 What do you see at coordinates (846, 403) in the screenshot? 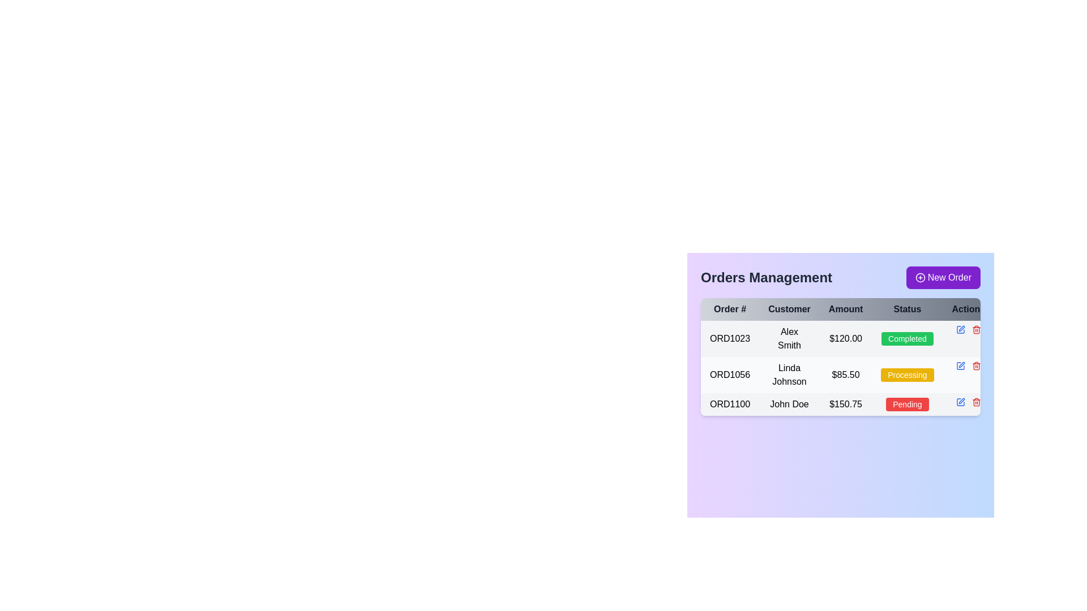
I see `the static text element displaying the monetary value '$150.75' located in the third row of the 'Orders Management' table under the 'Amount' column` at bounding box center [846, 403].